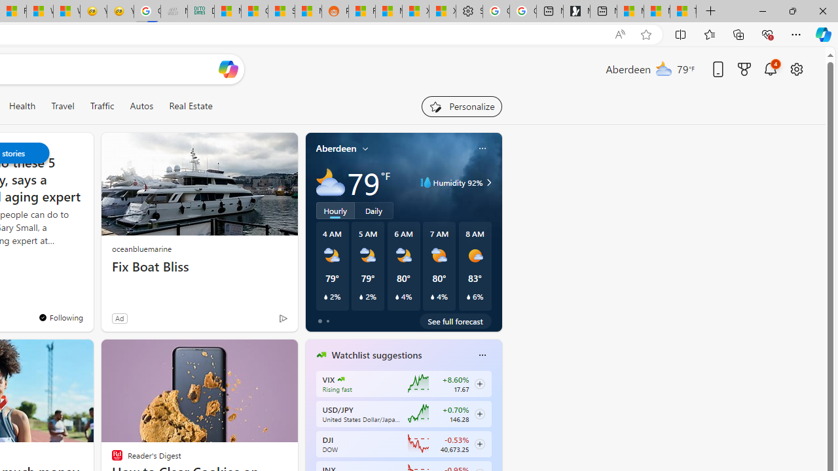  What do you see at coordinates (101, 105) in the screenshot?
I see `'Traffic'` at bounding box center [101, 105].